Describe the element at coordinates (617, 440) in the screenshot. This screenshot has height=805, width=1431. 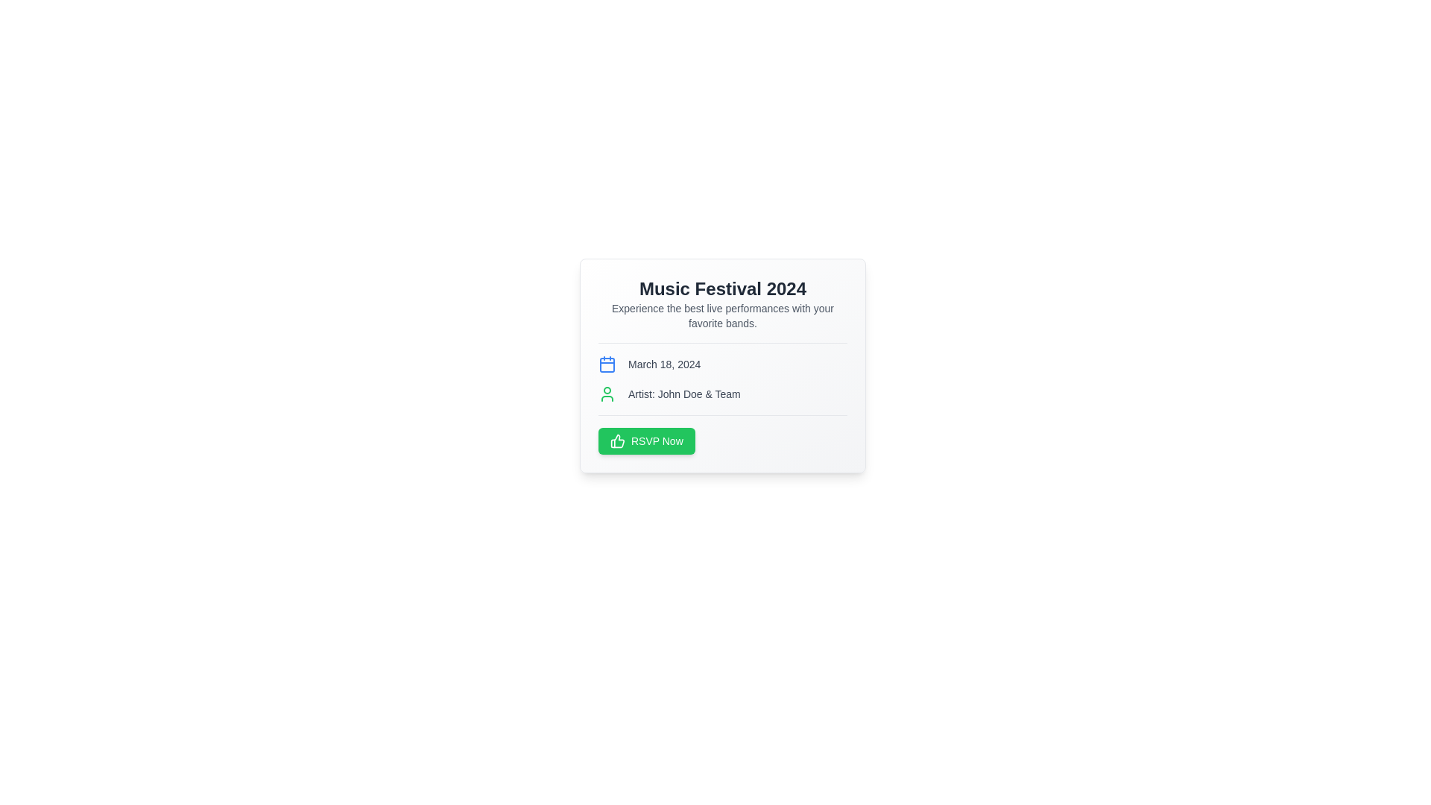
I see `the approval icon located near the center-right of the layout` at that location.